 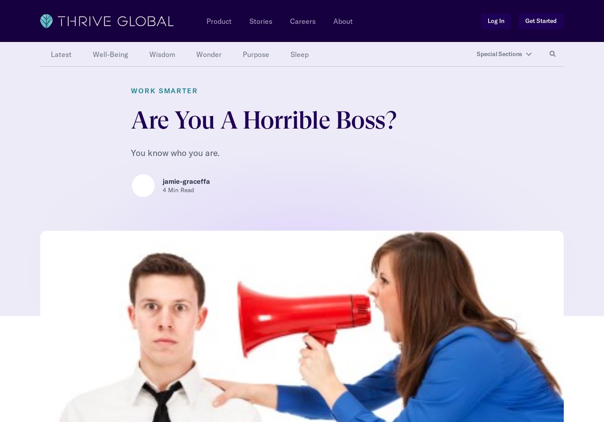 I want to click on '· Watch, learn and apply from peers and colleagues that are exceptional bosses. Reach out, but her a coffee and ask for help.', so click(x=292, y=228).